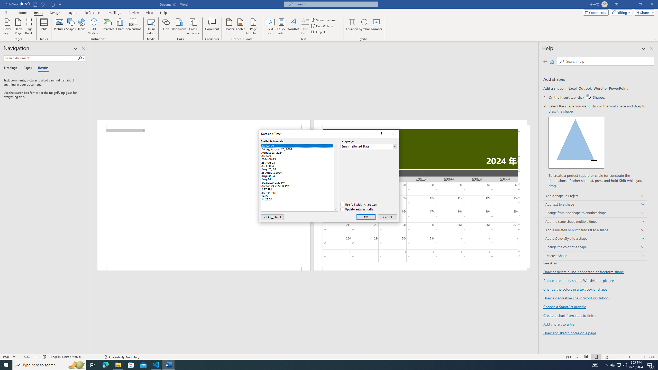  What do you see at coordinates (569, 332) in the screenshot?
I see `'Draw and sketch notes on a page'` at bounding box center [569, 332].